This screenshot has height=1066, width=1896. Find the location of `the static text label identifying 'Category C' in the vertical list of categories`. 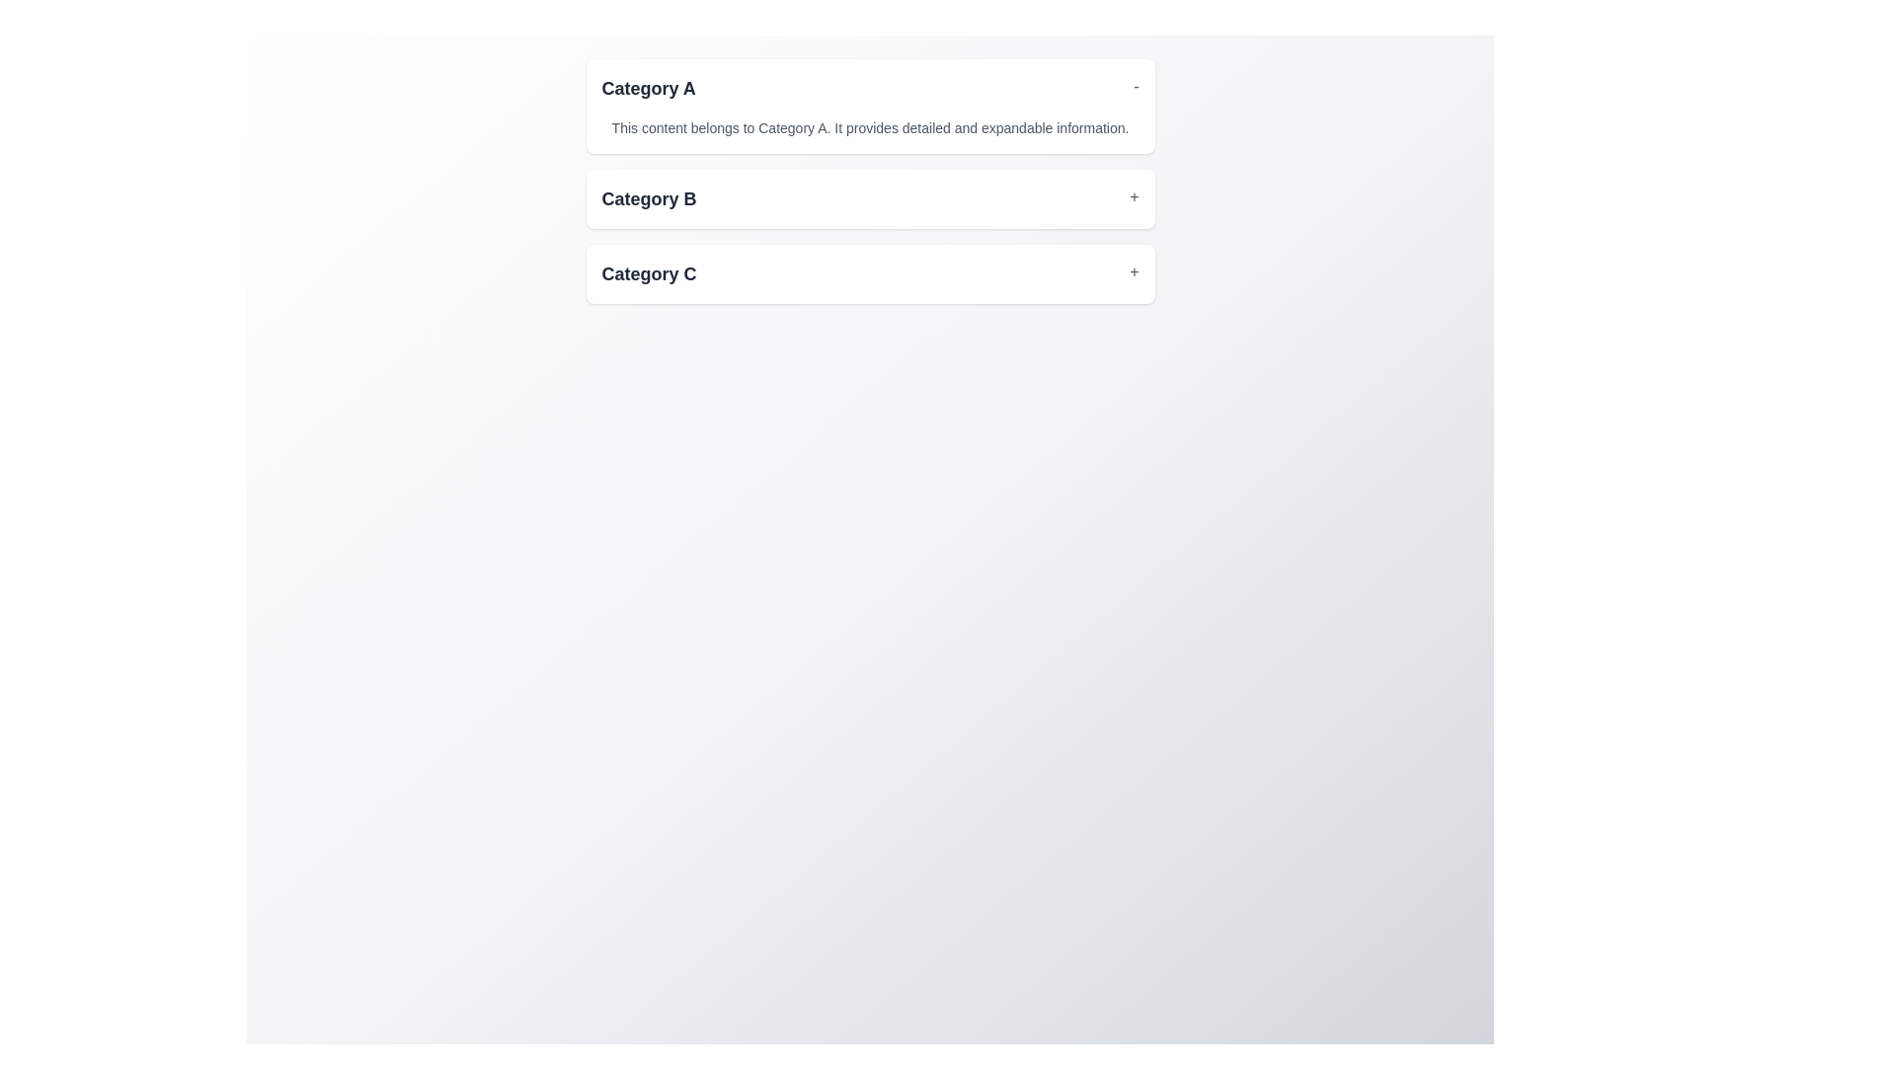

the static text label identifying 'Category C' in the vertical list of categories is located at coordinates (649, 273).